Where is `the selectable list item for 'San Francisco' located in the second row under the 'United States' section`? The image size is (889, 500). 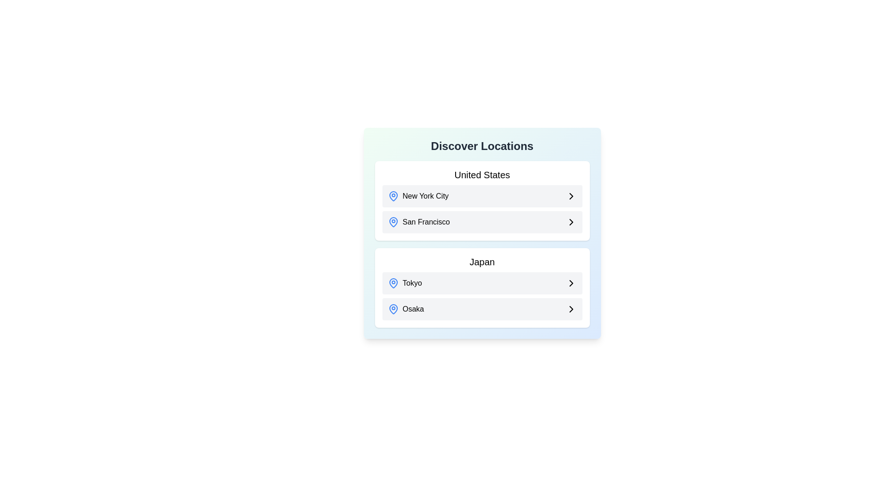
the selectable list item for 'San Francisco' located in the second row under the 'United States' section is located at coordinates (482, 222).